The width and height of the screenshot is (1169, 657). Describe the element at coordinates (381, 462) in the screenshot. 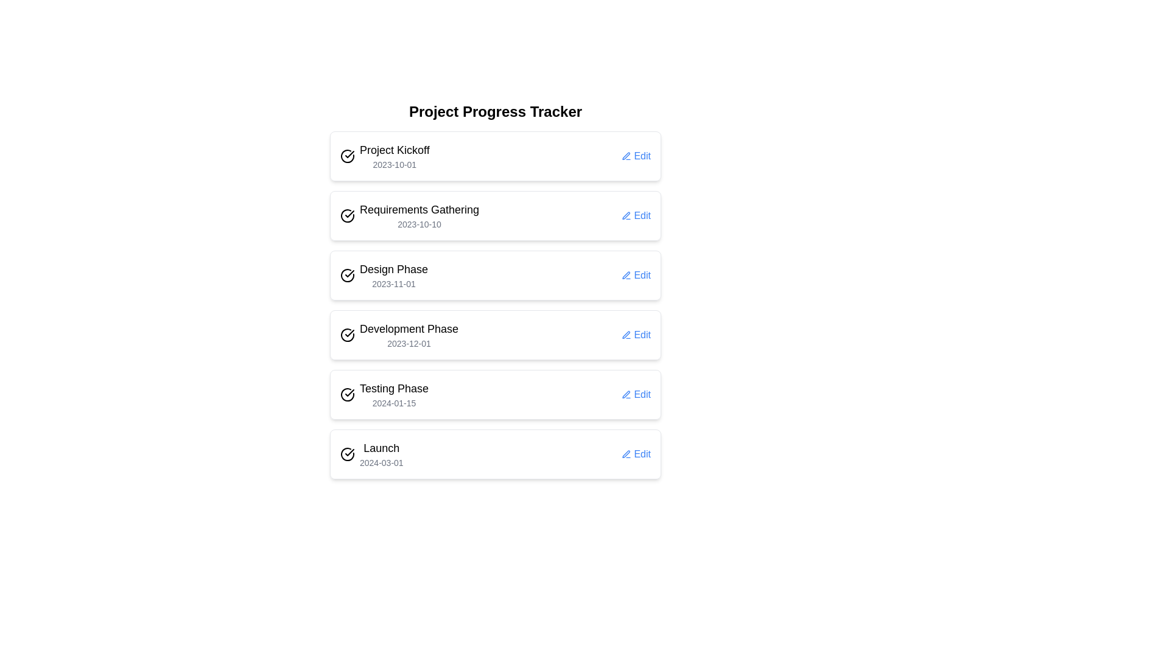

I see `the text label that displays the scheduled date for the 'Launch' task, located at the bottom section of the page within the last task card labeled 'Launch'` at that location.